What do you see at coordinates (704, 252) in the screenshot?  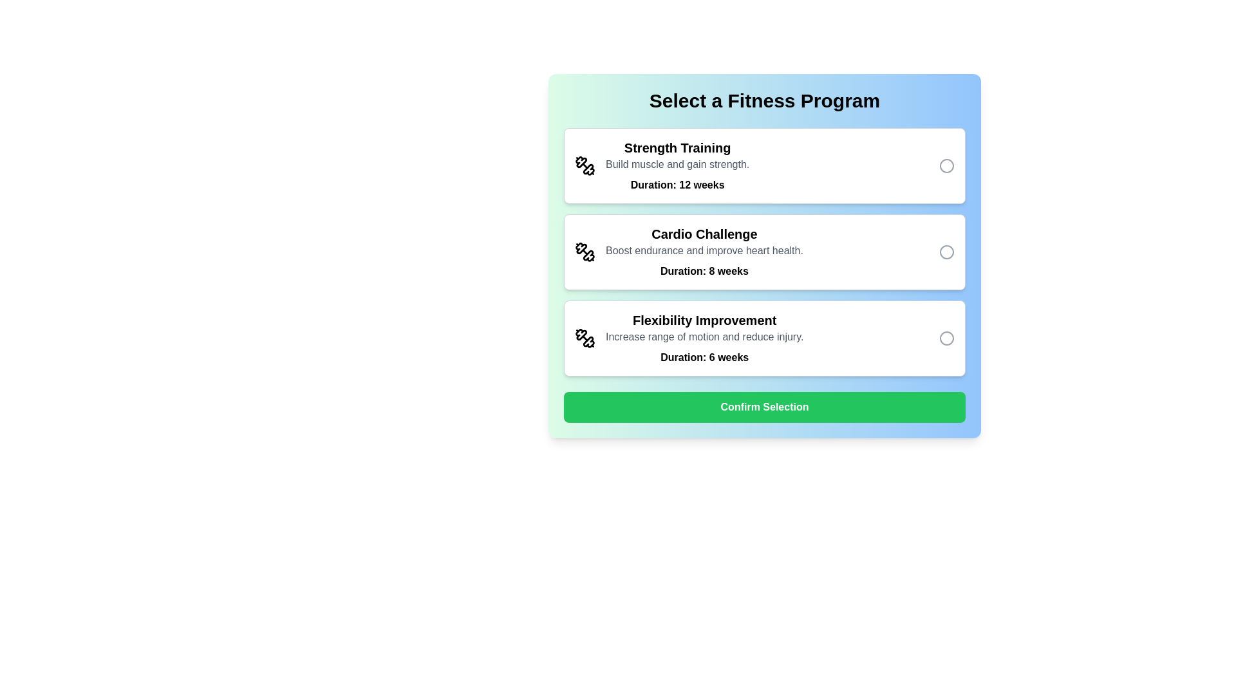 I see `the Information Panel that displays details about the fitness program, located as the second card in a vertical list of three fitness program cards` at bounding box center [704, 252].